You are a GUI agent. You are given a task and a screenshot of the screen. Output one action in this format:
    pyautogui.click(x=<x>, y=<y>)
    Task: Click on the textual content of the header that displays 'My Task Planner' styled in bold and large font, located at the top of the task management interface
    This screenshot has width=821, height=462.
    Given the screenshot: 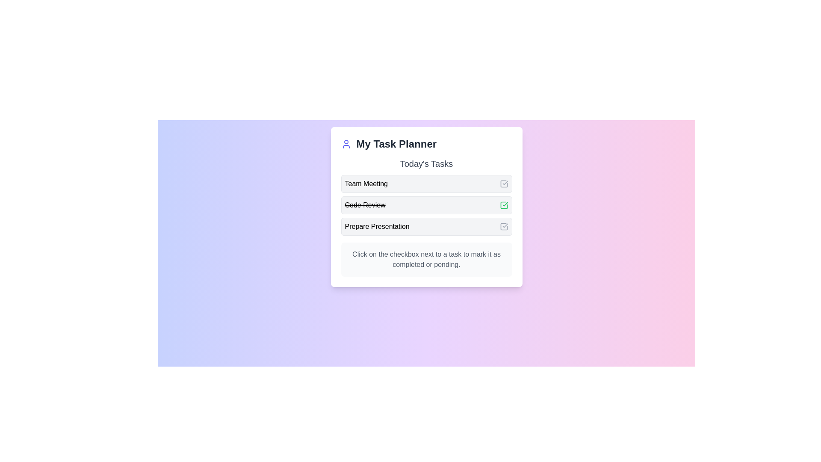 What is the action you would take?
    pyautogui.click(x=426, y=143)
    